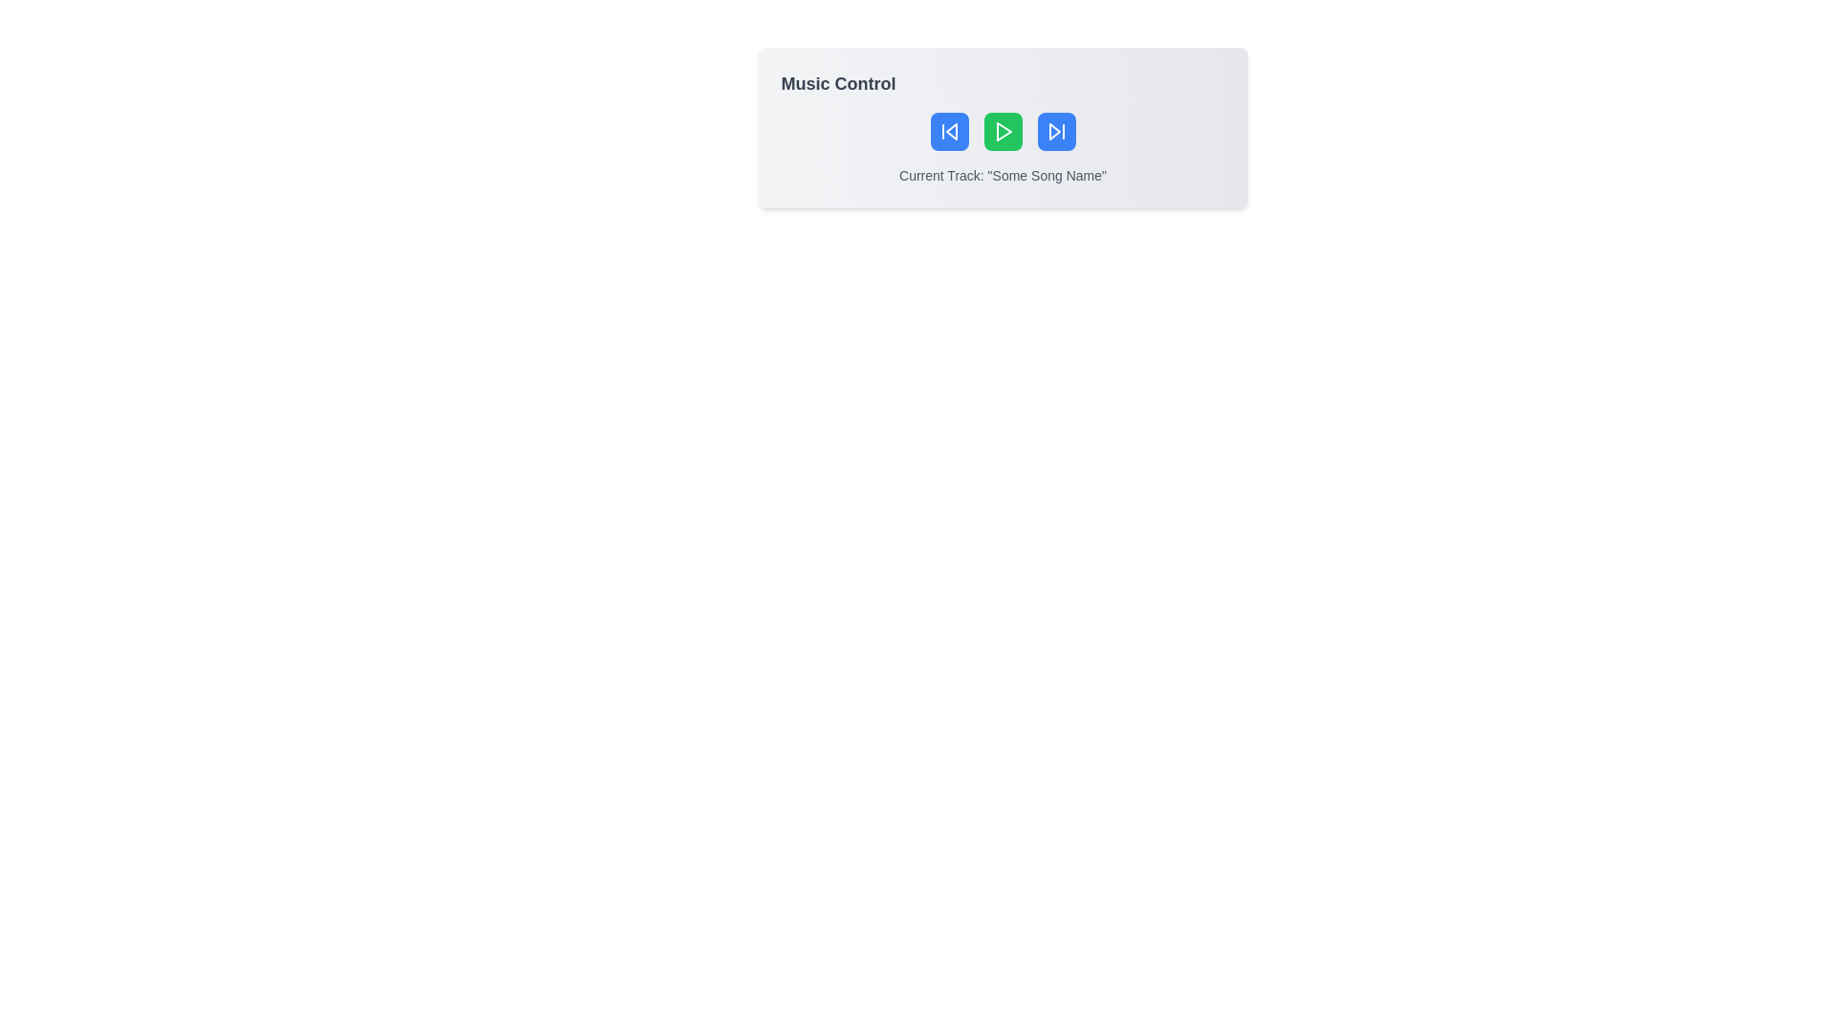 The image size is (1835, 1032). What do you see at coordinates (1002, 131) in the screenshot?
I see `the Control group consisting of three buttons with icons located in the 'Music Control' card to provide visual feedback` at bounding box center [1002, 131].